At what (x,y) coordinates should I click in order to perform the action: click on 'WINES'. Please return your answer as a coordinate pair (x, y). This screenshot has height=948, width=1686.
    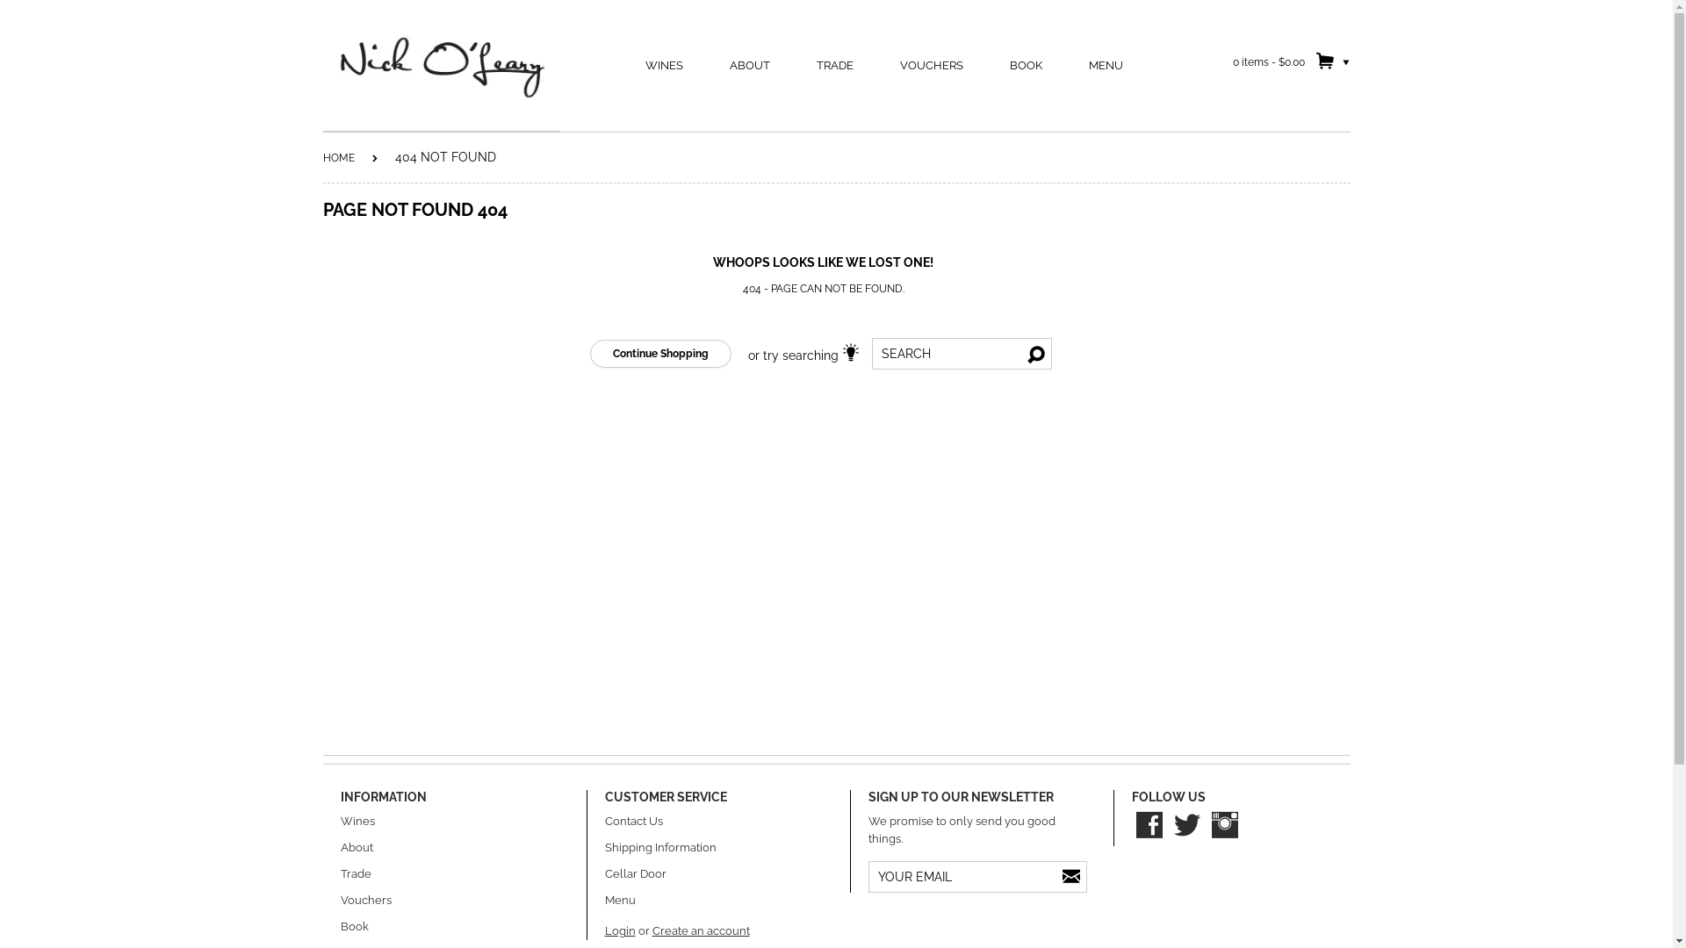
    Looking at the image, I should click on (632, 64).